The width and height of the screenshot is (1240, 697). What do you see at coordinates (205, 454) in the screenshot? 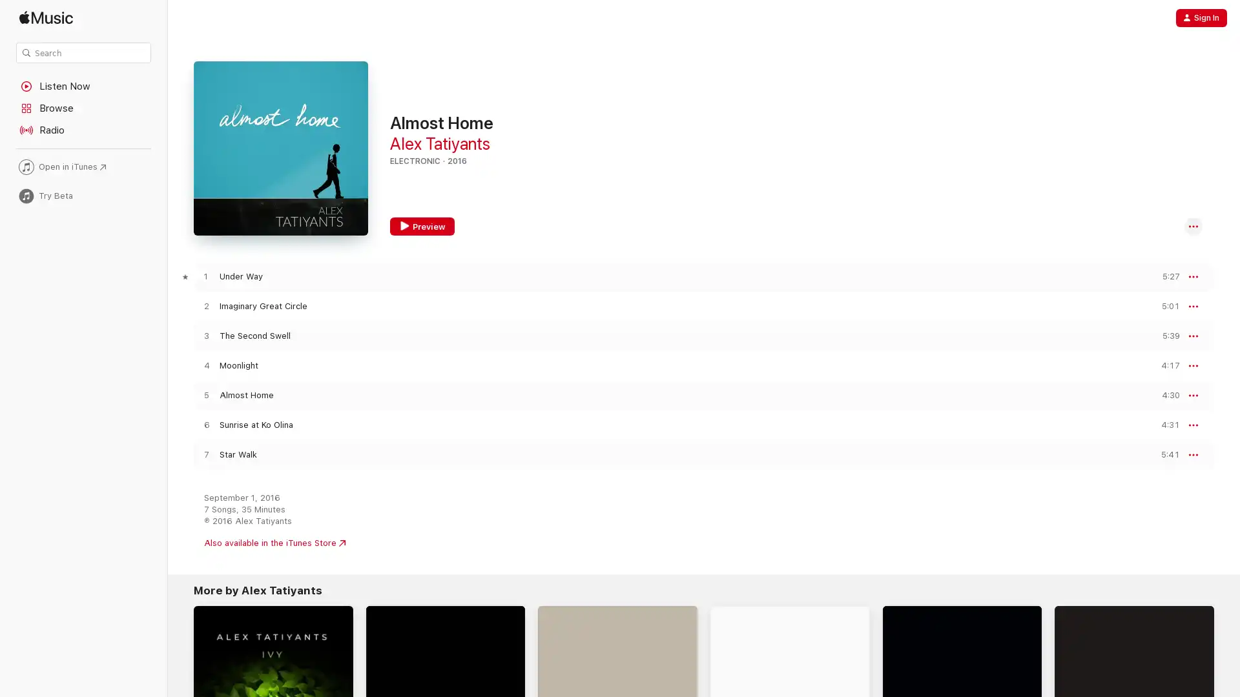
I see `Play` at bounding box center [205, 454].